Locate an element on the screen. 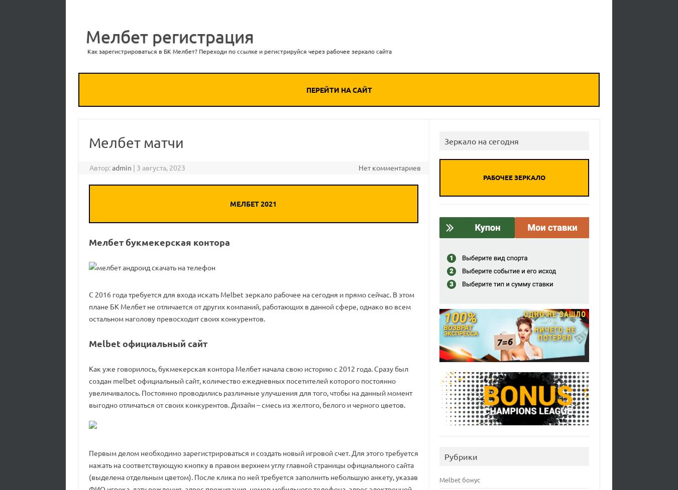 The width and height of the screenshot is (678, 490). 'Как зарегистрироваться в БК Мелбет? Переходи по ссылке и регистрируйся через рабочее зеркало сайта' is located at coordinates (87, 51).